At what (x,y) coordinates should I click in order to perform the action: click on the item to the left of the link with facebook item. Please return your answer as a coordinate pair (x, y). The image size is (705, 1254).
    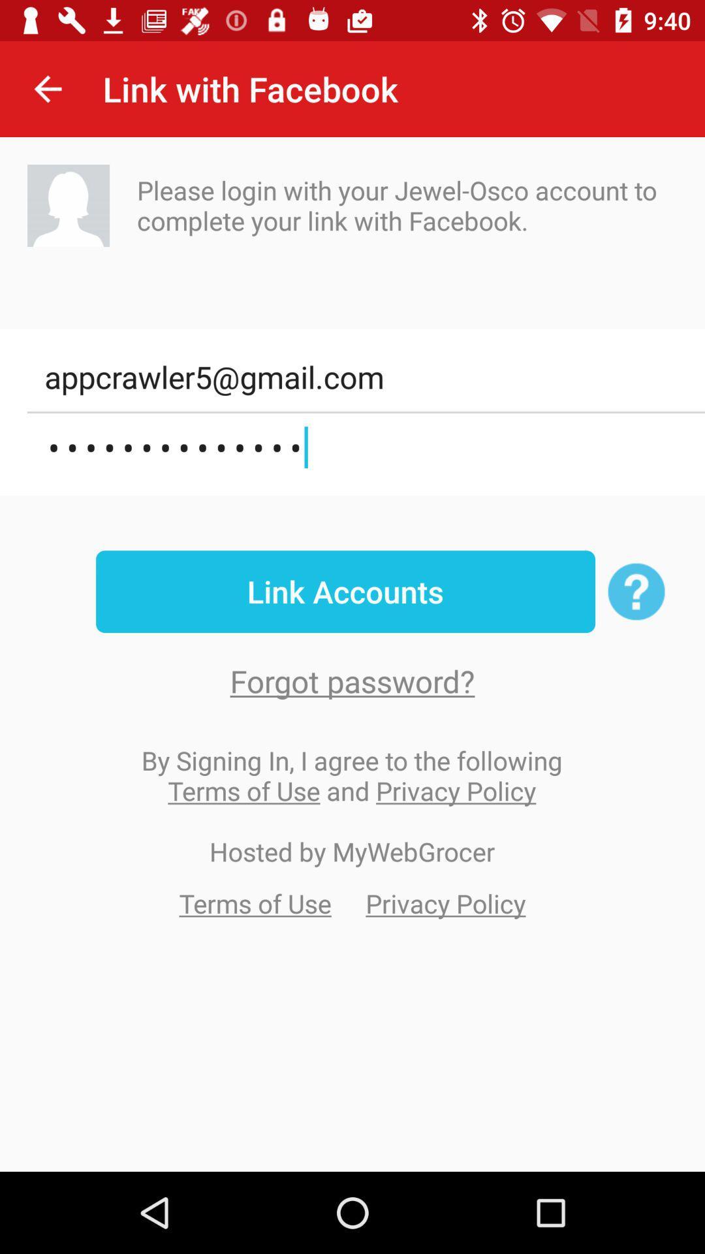
    Looking at the image, I should click on (47, 88).